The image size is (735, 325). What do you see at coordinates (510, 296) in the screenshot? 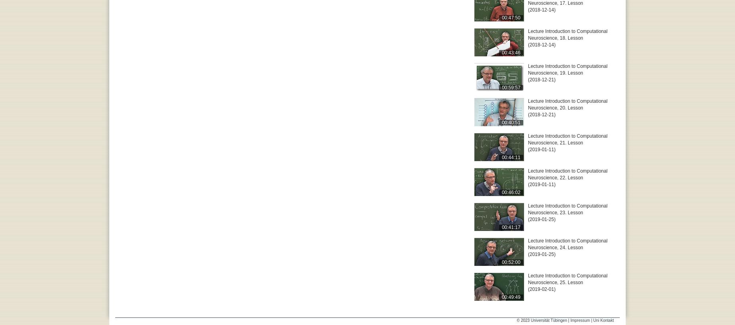
I see `'00:49:49'` at bounding box center [510, 296].